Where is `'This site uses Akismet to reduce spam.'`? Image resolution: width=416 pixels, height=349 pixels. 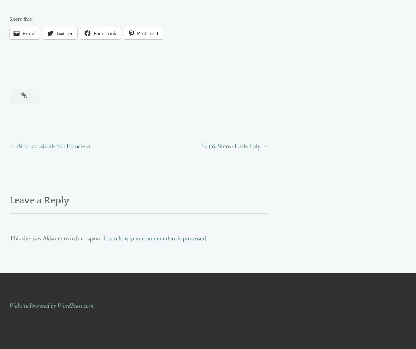 'This site uses Akismet to reduce spam.' is located at coordinates (55, 238).